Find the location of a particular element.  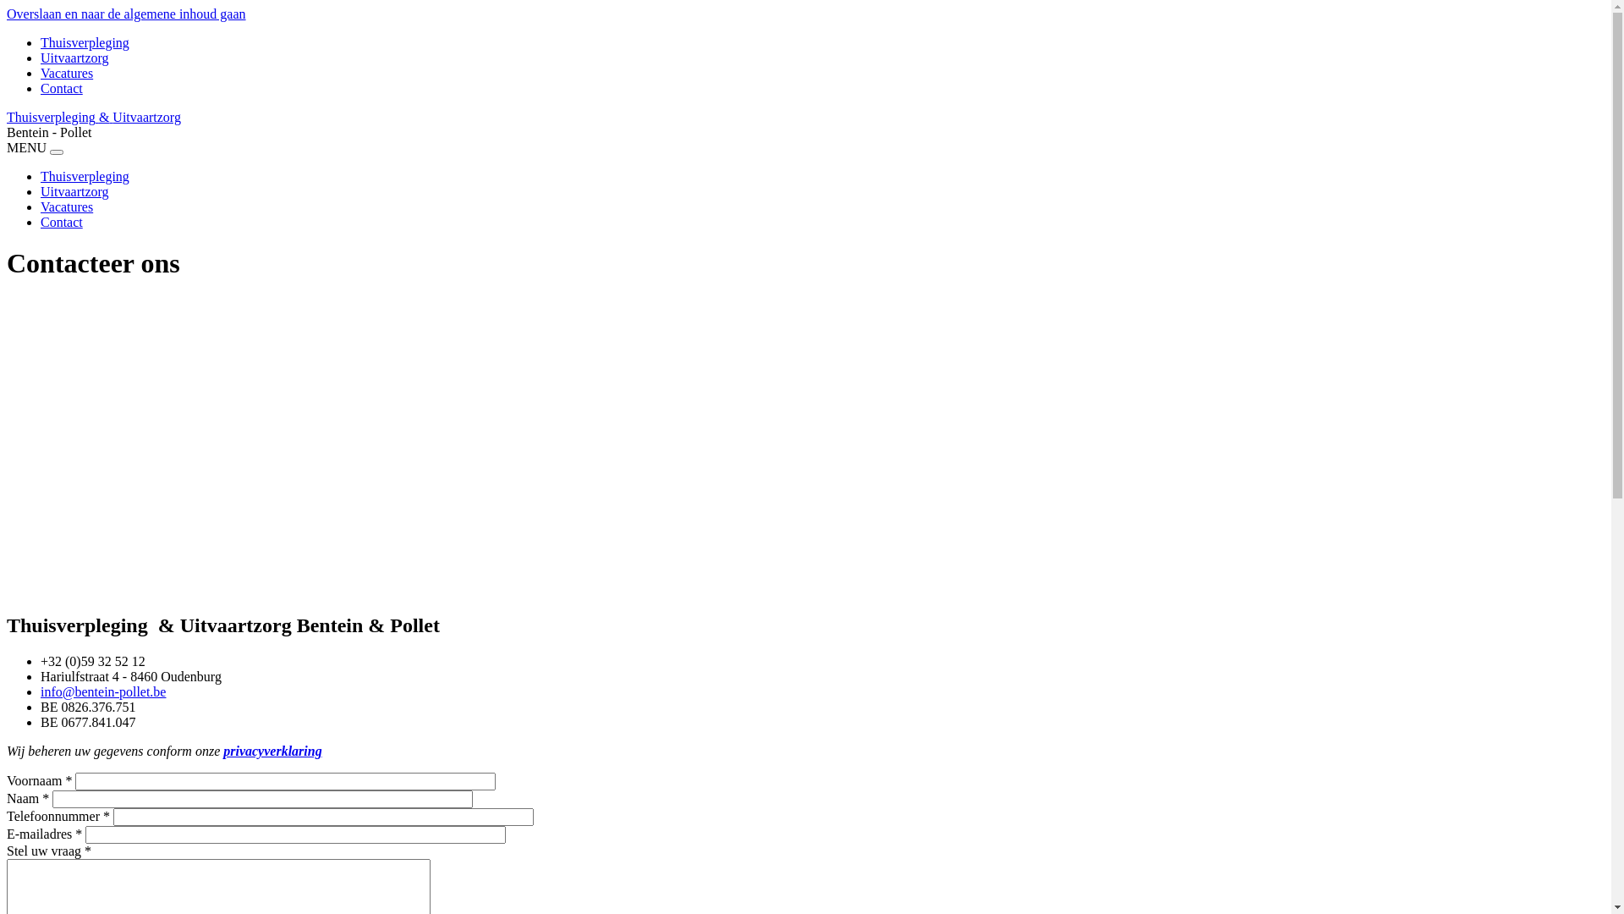

'Overslaan en naar de algemene inhoud gaan' is located at coordinates (125, 14).